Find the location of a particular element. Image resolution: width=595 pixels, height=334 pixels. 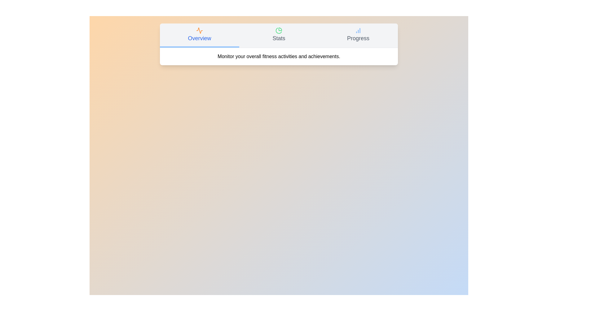

the Overview tab to view its content is located at coordinates (199, 36).